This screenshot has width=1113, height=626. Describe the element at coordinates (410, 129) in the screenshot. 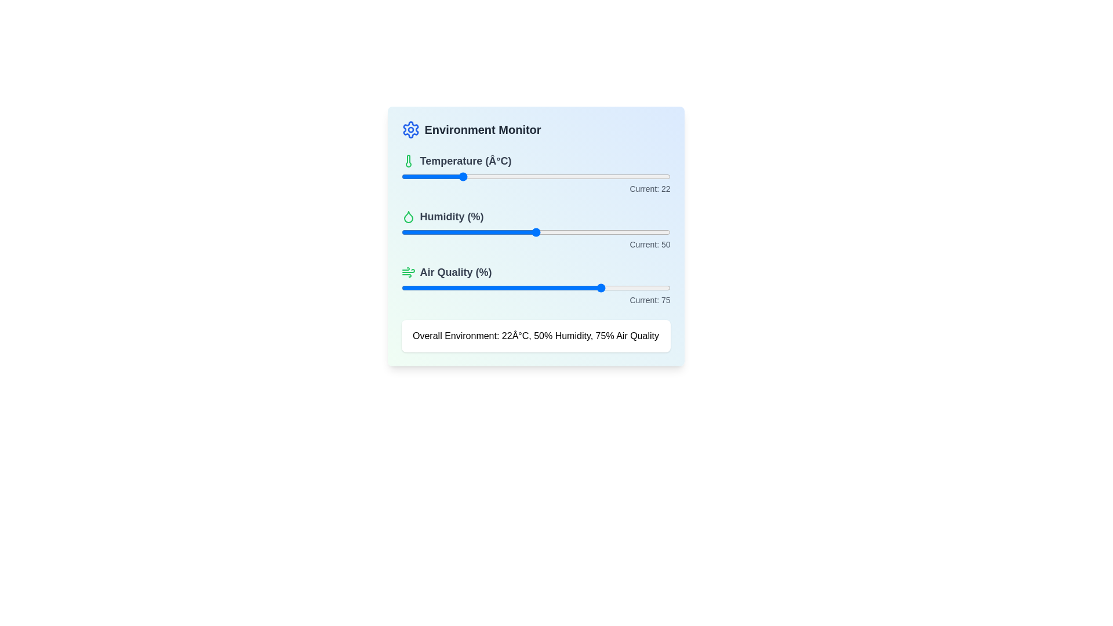

I see `the settings icon to open the configuration options` at that location.